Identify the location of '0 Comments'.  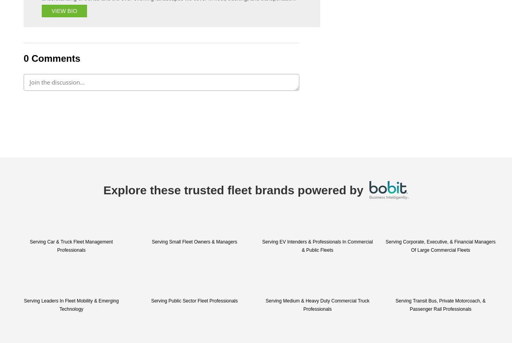
(51, 58).